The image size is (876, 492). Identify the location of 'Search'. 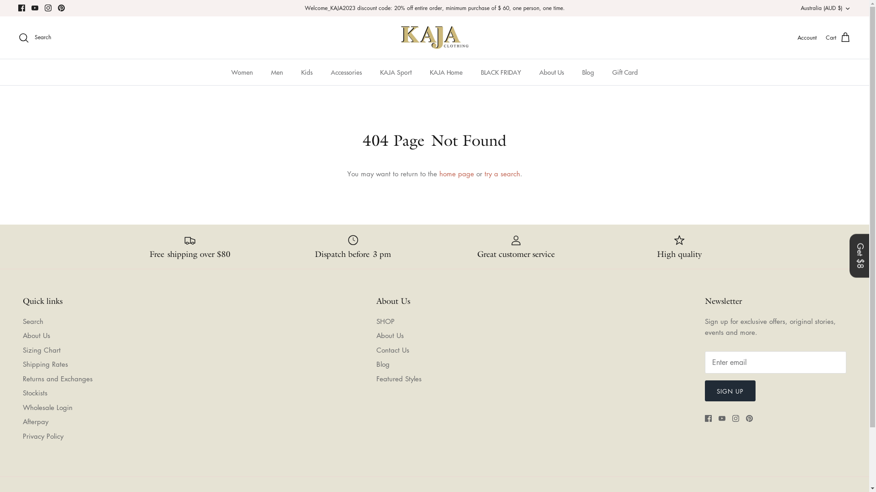
(35, 37).